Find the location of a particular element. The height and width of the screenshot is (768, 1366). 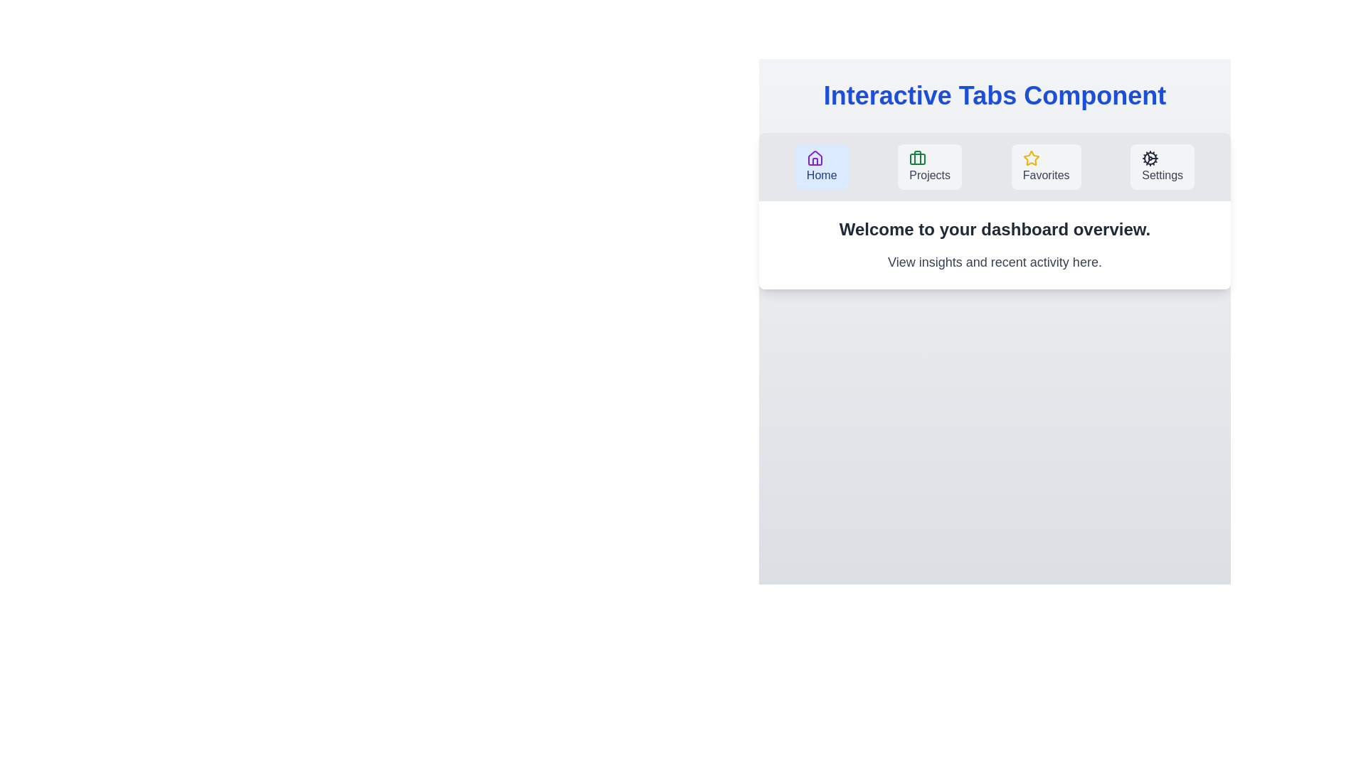

the Projects tab to activate it is located at coordinates (930, 166).